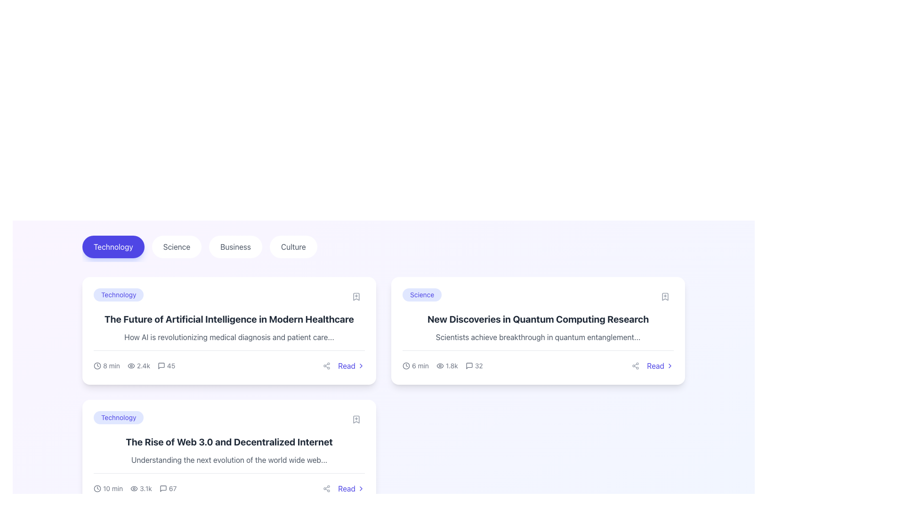 This screenshot has width=904, height=508. Describe the element at coordinates (664, 297) in the screenshot. I see `the bookmark icon with a plus sign located in the top-right corner of the card for 'New Discoveries in Quantum Computing Research.'` at that location.